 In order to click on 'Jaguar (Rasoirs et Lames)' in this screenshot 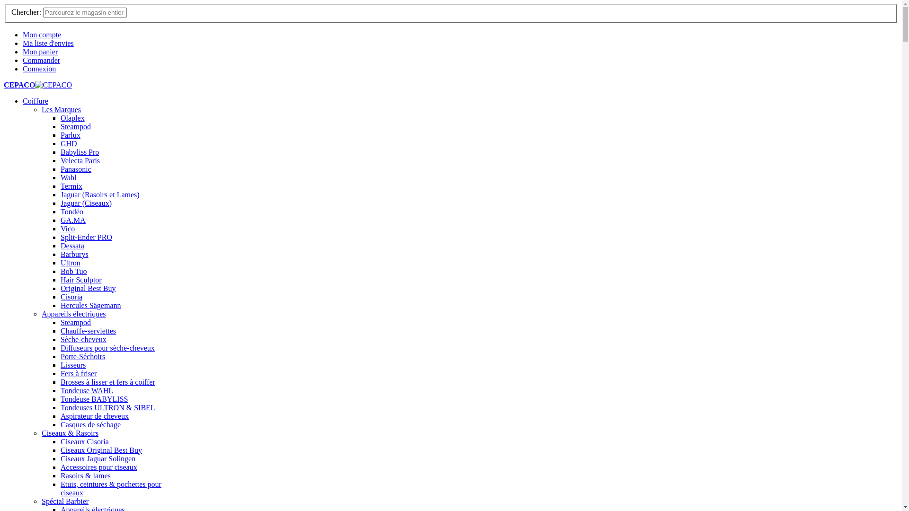, I will do `click(100, 194)`.